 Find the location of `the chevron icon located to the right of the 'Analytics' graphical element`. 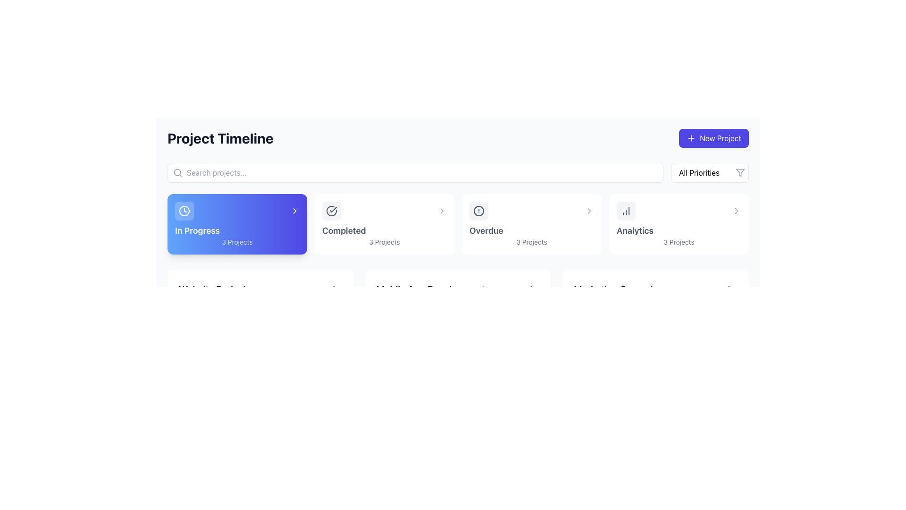

the chevron icon located to the right of the 'Analytics' graphical element is located at coordinates (736, 211).